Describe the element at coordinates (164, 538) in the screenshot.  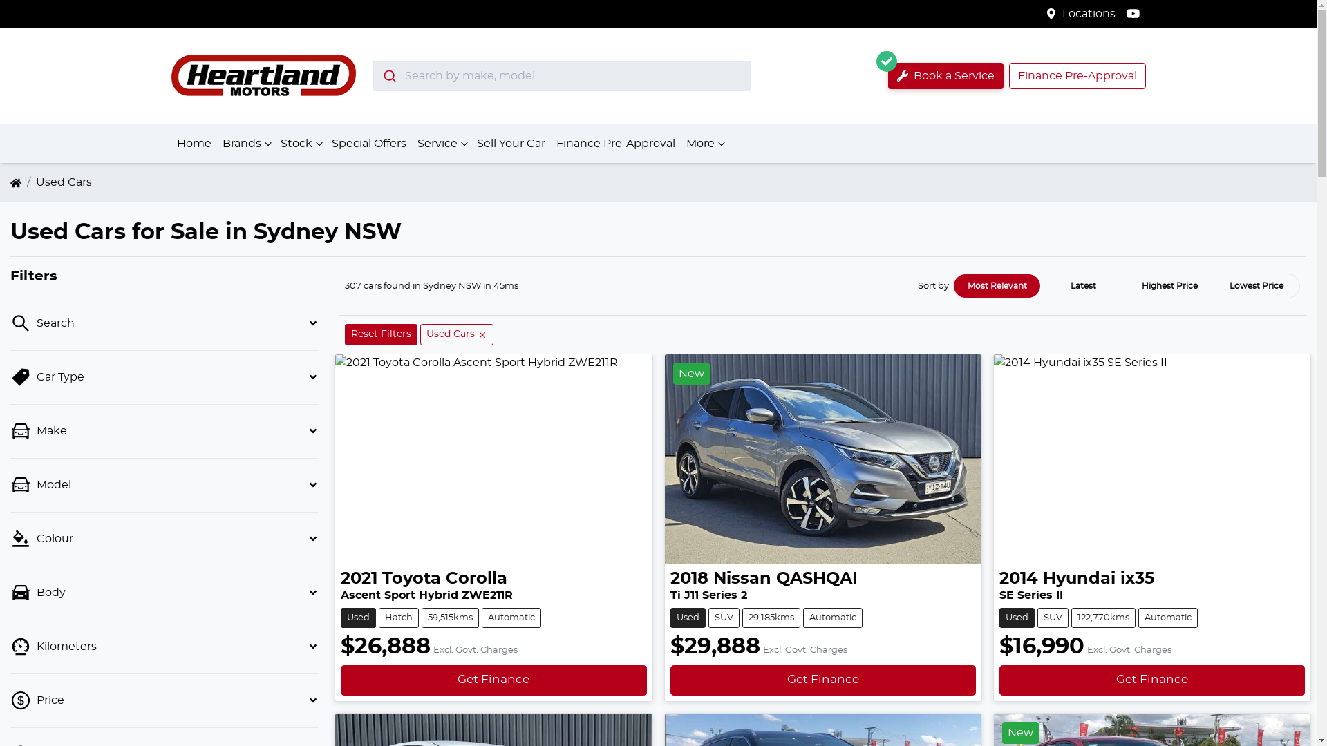
I see `'Colour'` at that location.